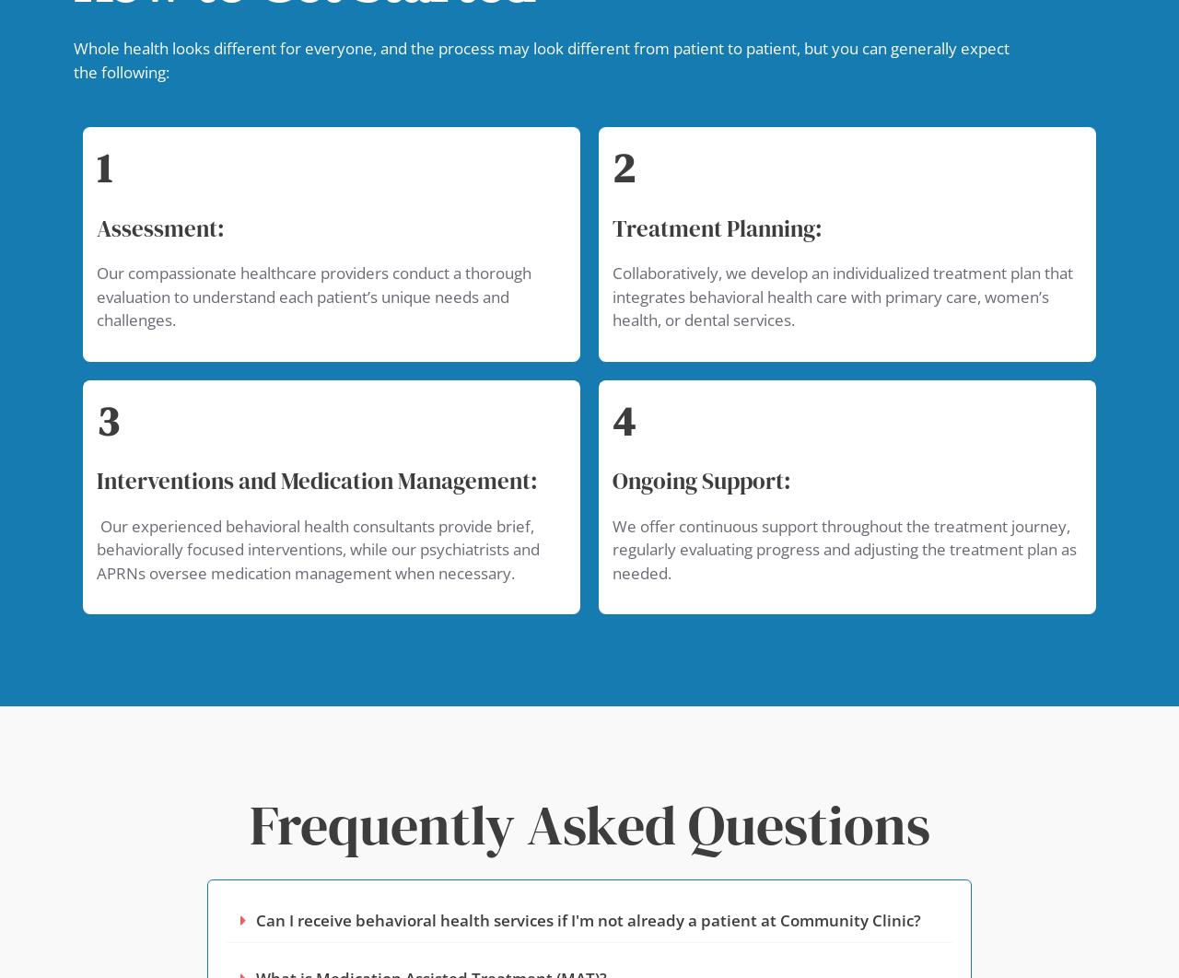 The image size is (1179, 978). What do you see at coordinates (700, 479) in the screenshot?
I see `'Ongoing Support:'` at bounding box center [700, 479].